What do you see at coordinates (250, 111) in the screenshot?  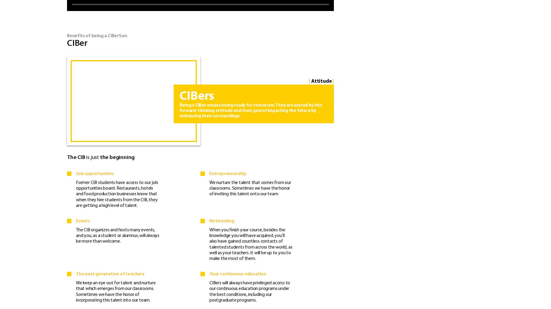 I see `'Being a CIBer means being ready for tomorrow. They are united by this forward-thinking attitude and their goal of impacting the future by enhancing their surroundings.'` at bounding box center [250, 111].